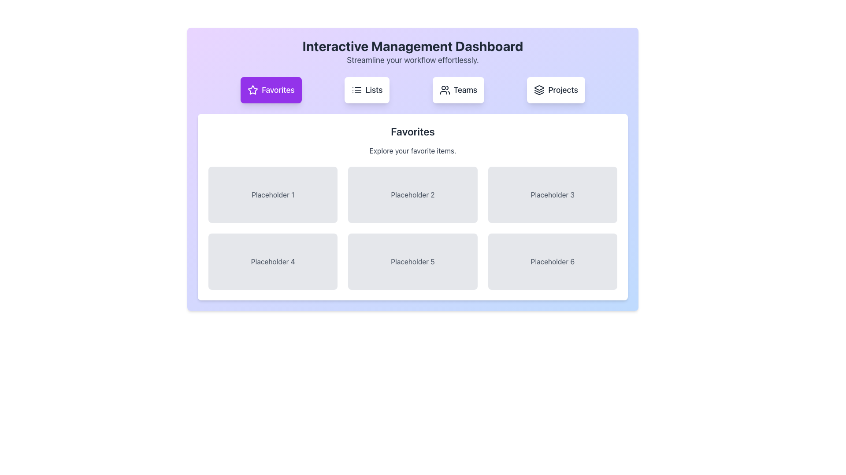 The height and width of the screenshot is (475, 846). I want to click on the static text element that indicates the title or label of the associated card in the 'Favorites' section, centrally located within the top-left card, so click(272, 194).